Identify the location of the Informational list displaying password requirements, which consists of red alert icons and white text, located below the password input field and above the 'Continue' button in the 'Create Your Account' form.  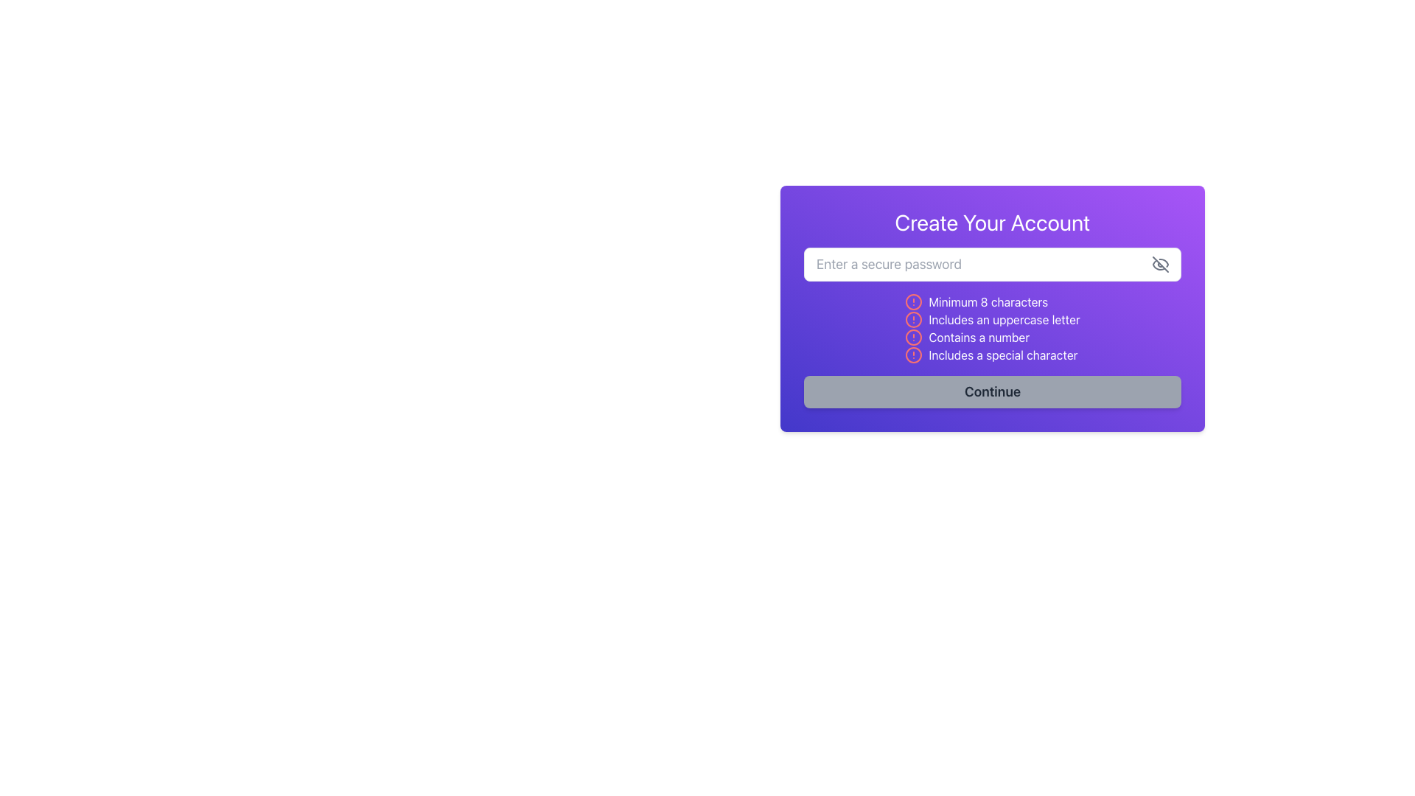
(993, 328).